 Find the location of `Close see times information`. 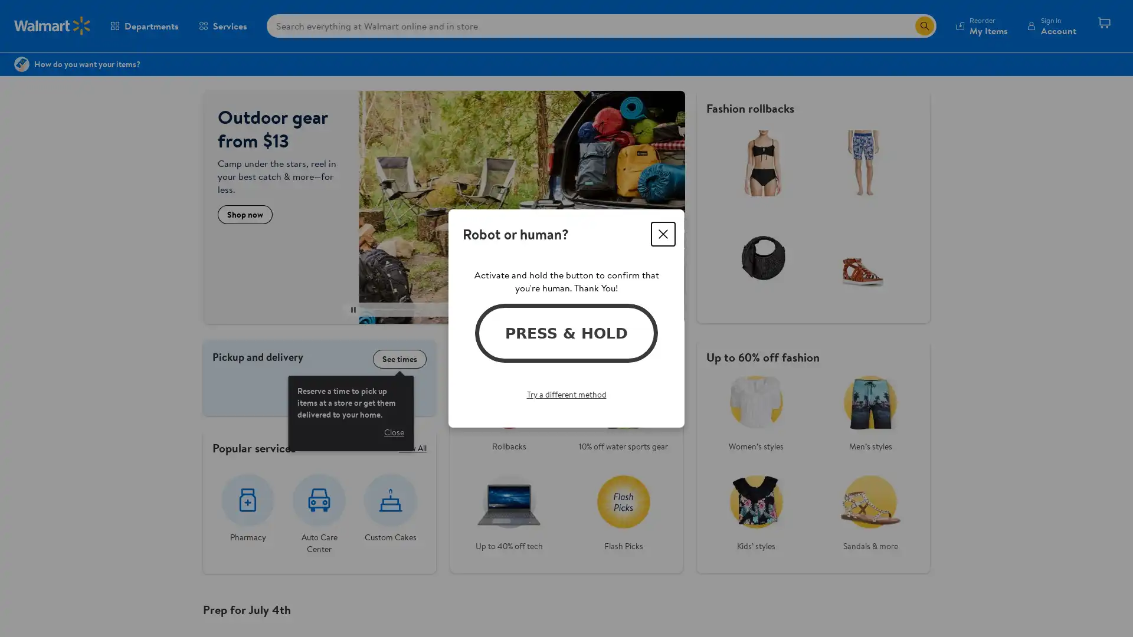

Close see times information is located at coordinates (394, 432).